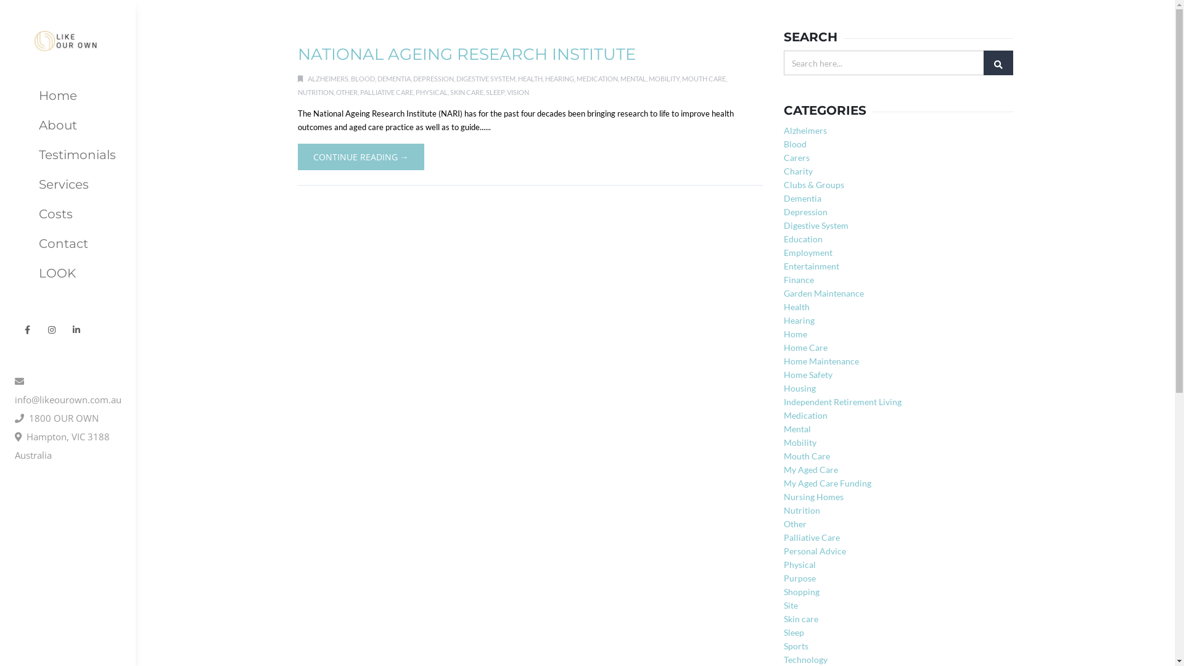 The height and width of the screenshot is (666, 1184). What do you see at coordinates (811, 265) in the screenshot?
I see `'Entertainment'` at bounding box center [811, 265].